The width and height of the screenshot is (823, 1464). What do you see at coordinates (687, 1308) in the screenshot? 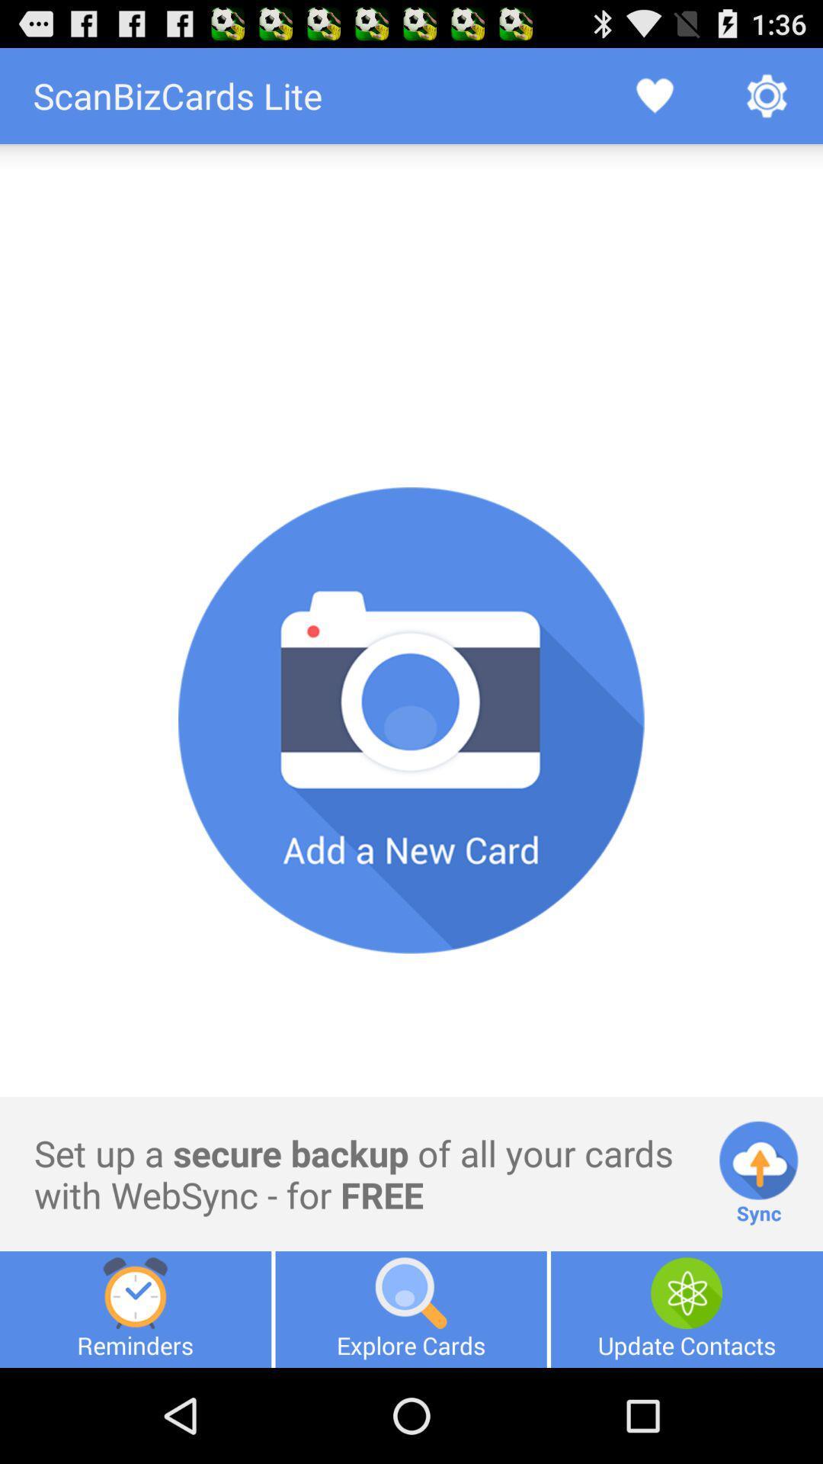
I see `the icon below the sync icon` at bounding box center [687, 1308].